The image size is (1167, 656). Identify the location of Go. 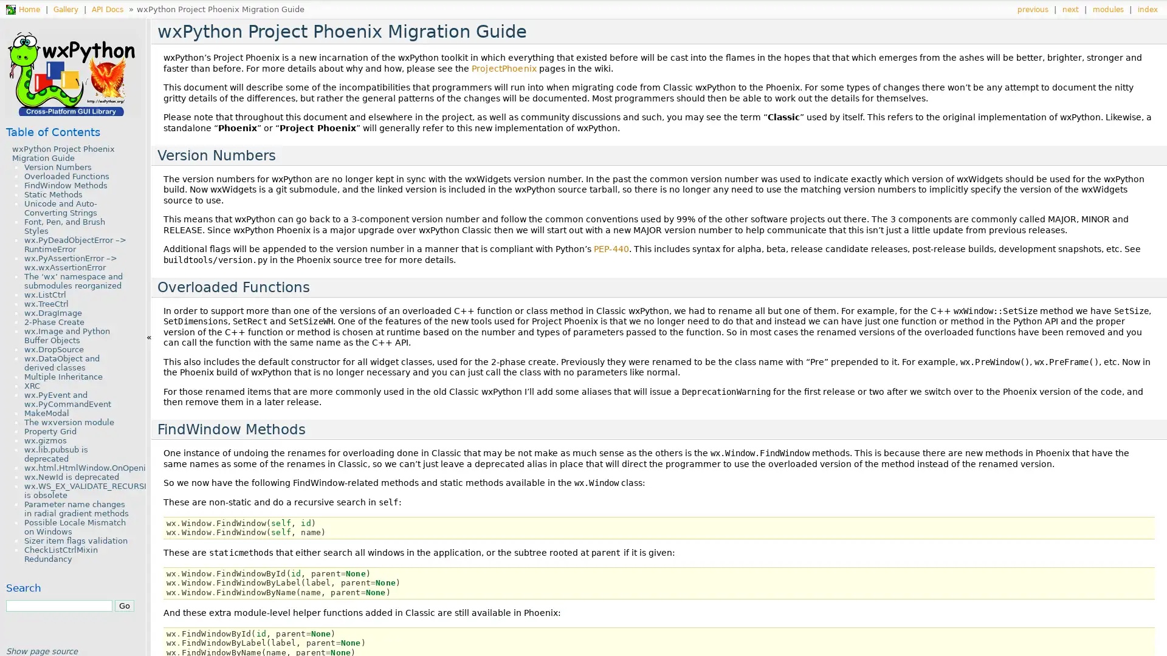
(125, 605).